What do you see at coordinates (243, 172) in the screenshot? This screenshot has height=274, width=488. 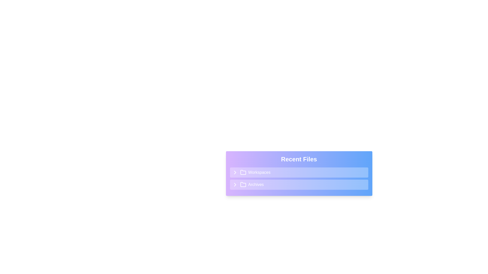 I see `the folder icon for Workspaces` at bounding box center [243, 172].